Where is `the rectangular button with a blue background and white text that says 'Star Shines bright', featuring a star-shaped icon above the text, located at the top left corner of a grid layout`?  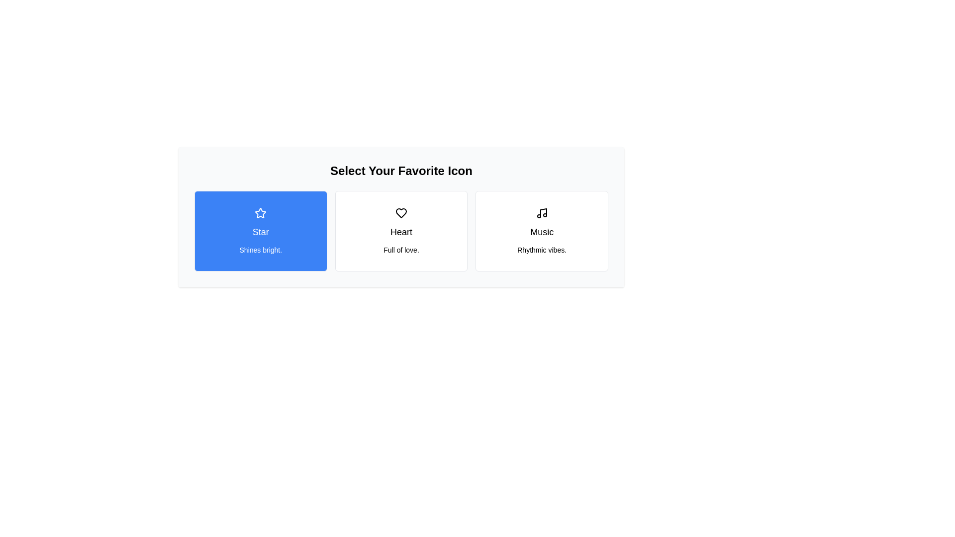 the rectangular button with a blue background and white text that says 'Star Shines bright', featuring a star-shaped icon above the text, located at the top left corner of a grid layout is located at coordinates (261, 231).